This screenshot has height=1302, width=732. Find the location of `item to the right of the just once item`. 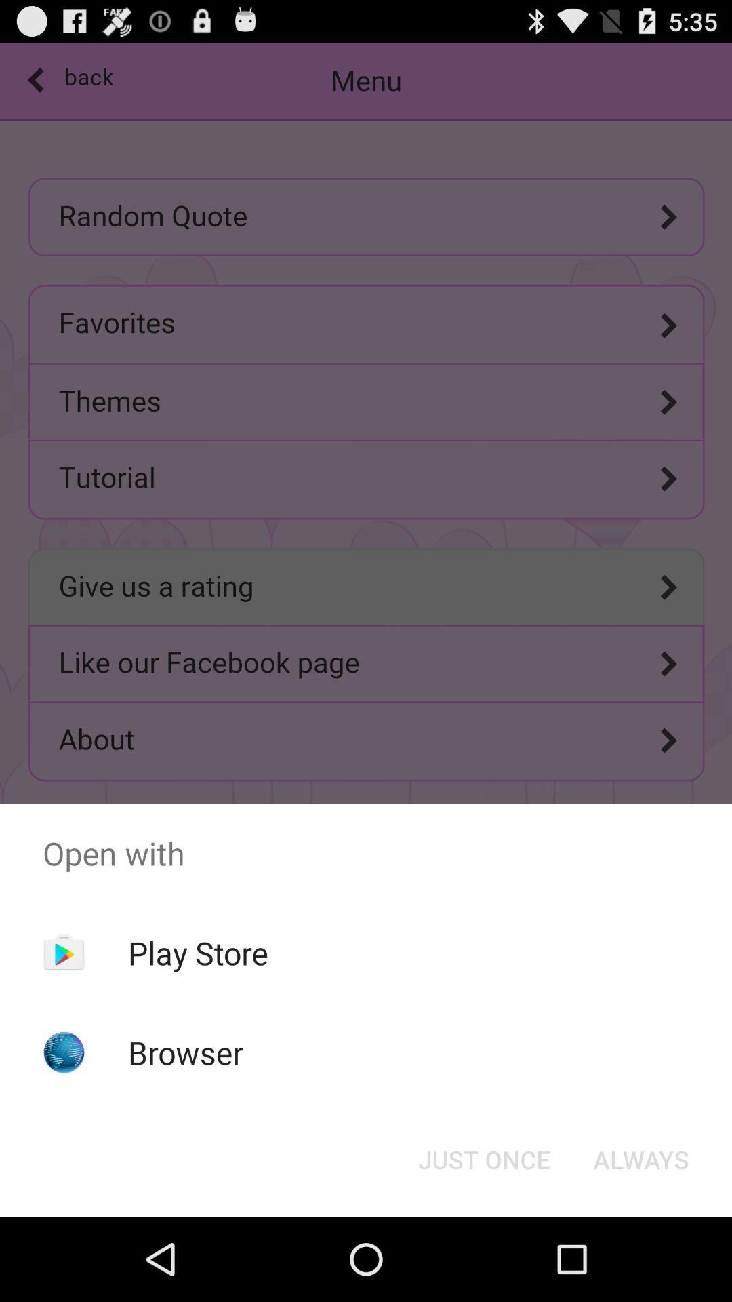

item to the right of the just once item is located at coordinates (640, 1158).